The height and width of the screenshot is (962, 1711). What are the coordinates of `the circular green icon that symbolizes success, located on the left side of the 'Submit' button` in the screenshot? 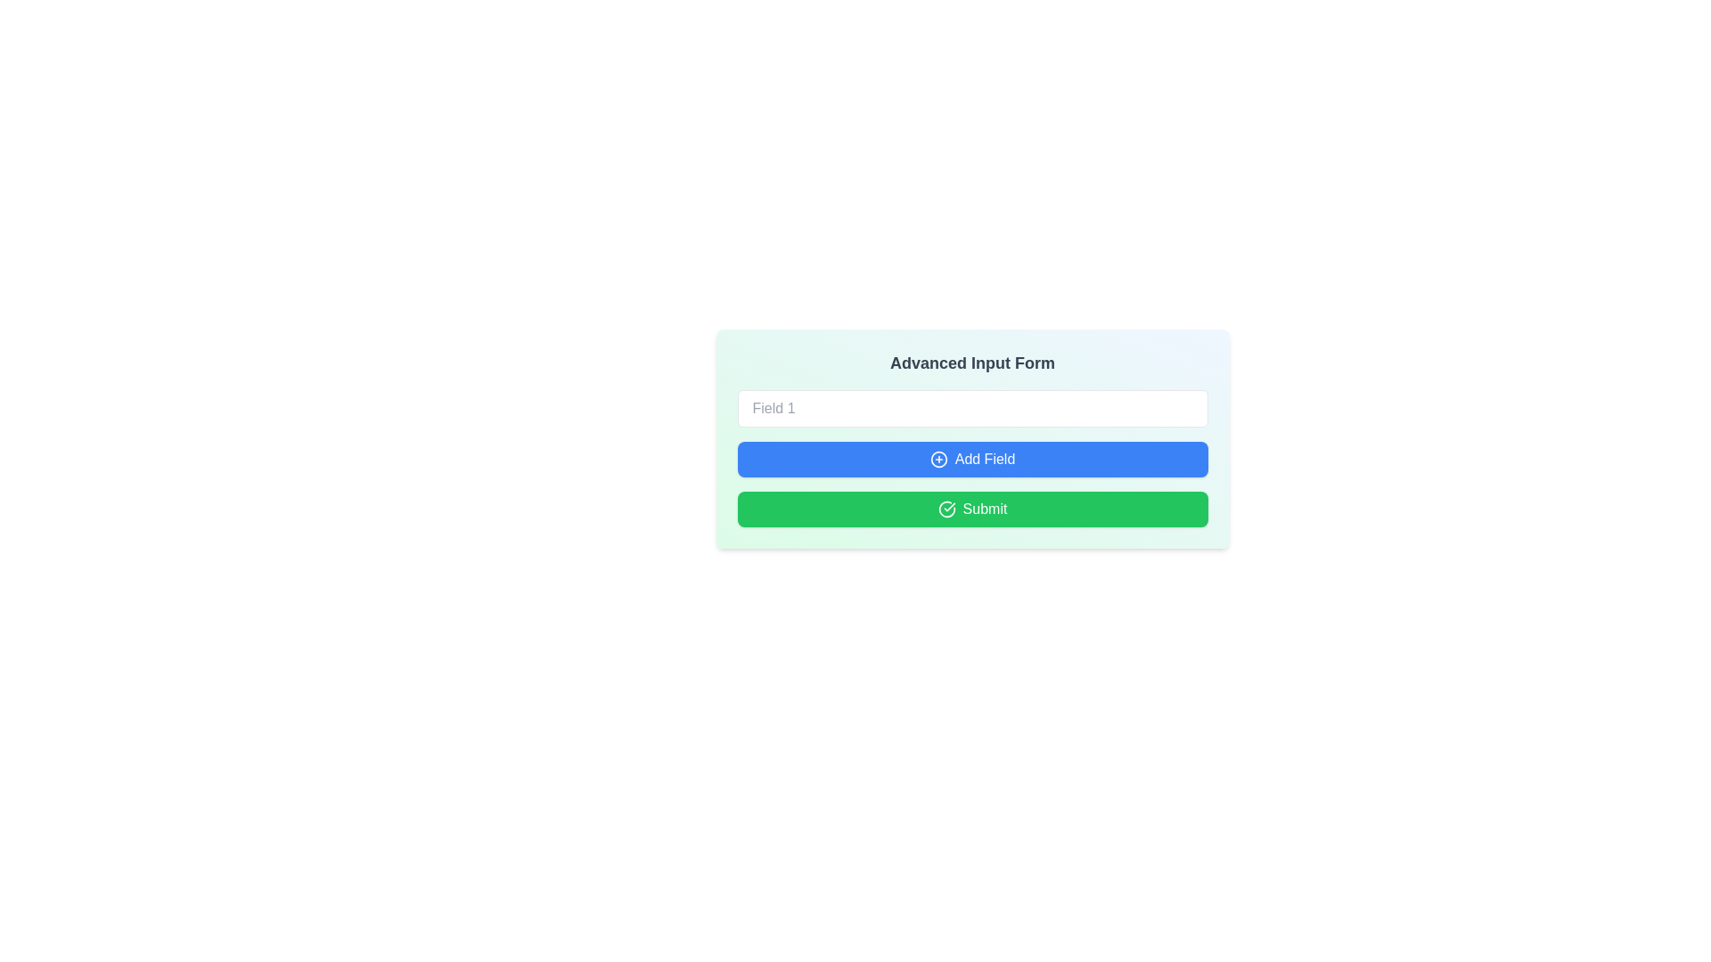 It's located at (946, 509).